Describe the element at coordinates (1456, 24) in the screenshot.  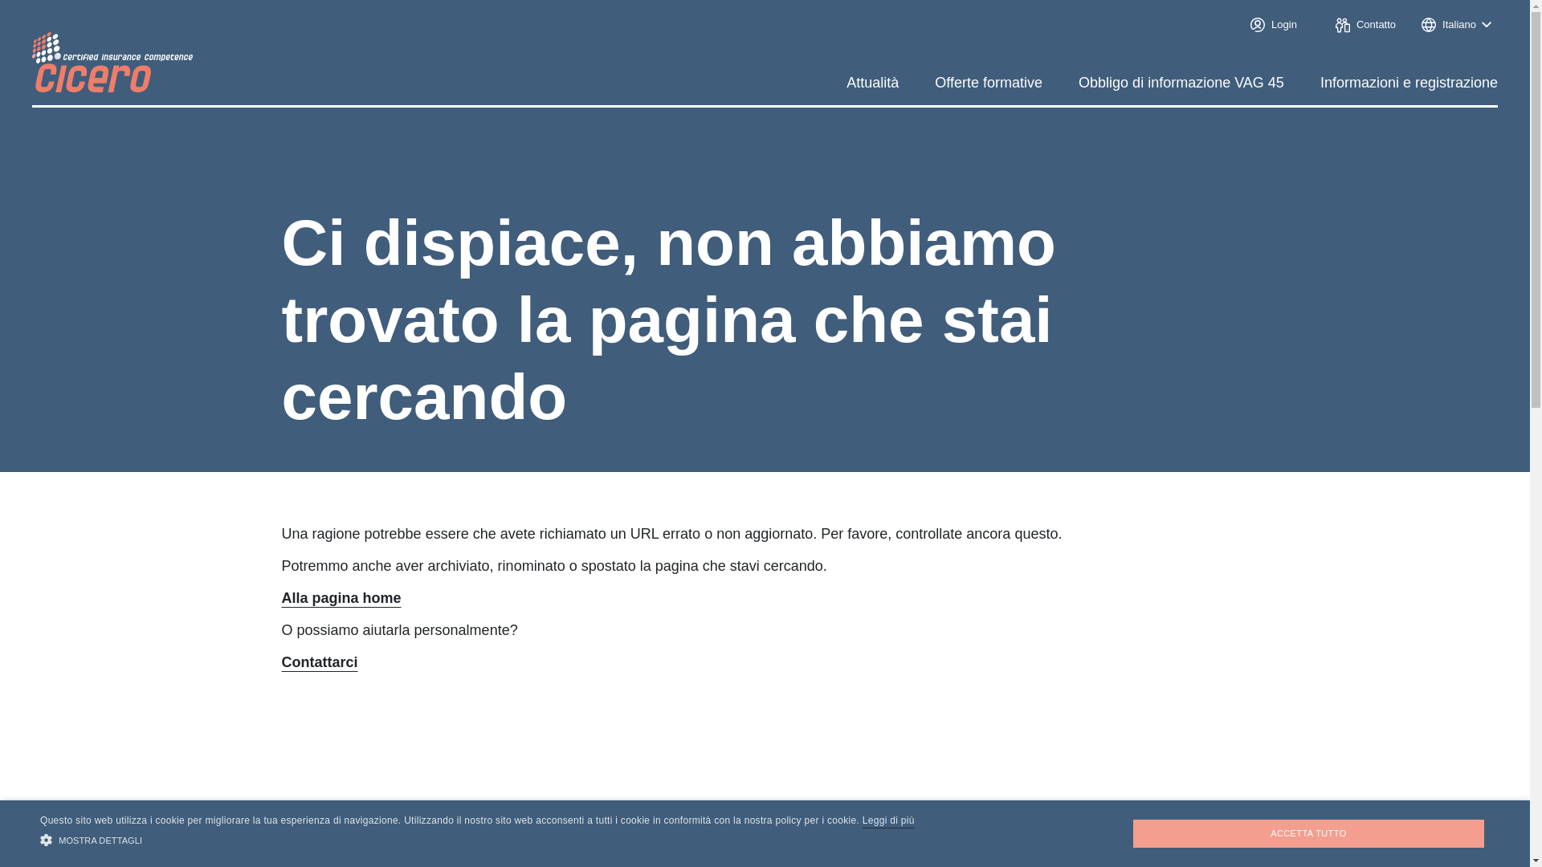
I see `'Italiano'` at that location.